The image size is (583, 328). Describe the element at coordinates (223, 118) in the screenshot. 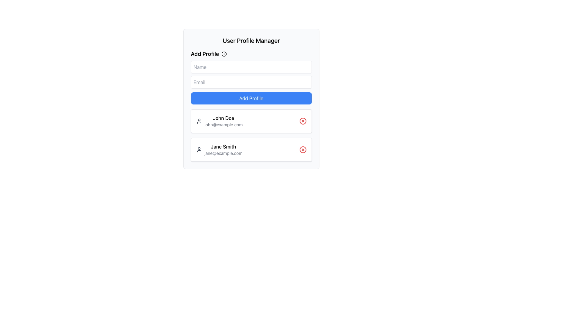

I see `the user name text label in the first user profile card, which identifies the user associated with the profile` at that location.